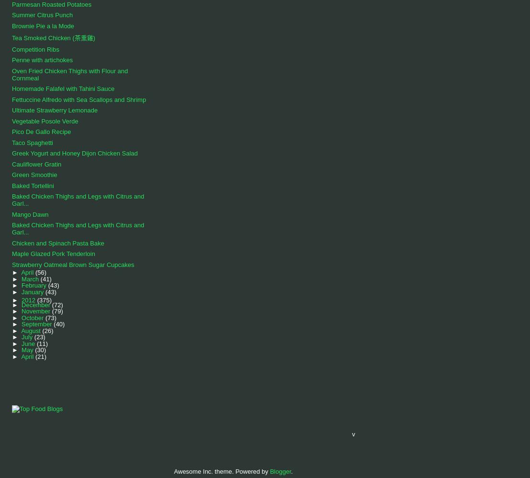 The width and height of the screenshot is (530, 478). What do you see at coordinates (36, 299) in the screenshot?
I see `'(375)'` at bounding box center [36, 299].